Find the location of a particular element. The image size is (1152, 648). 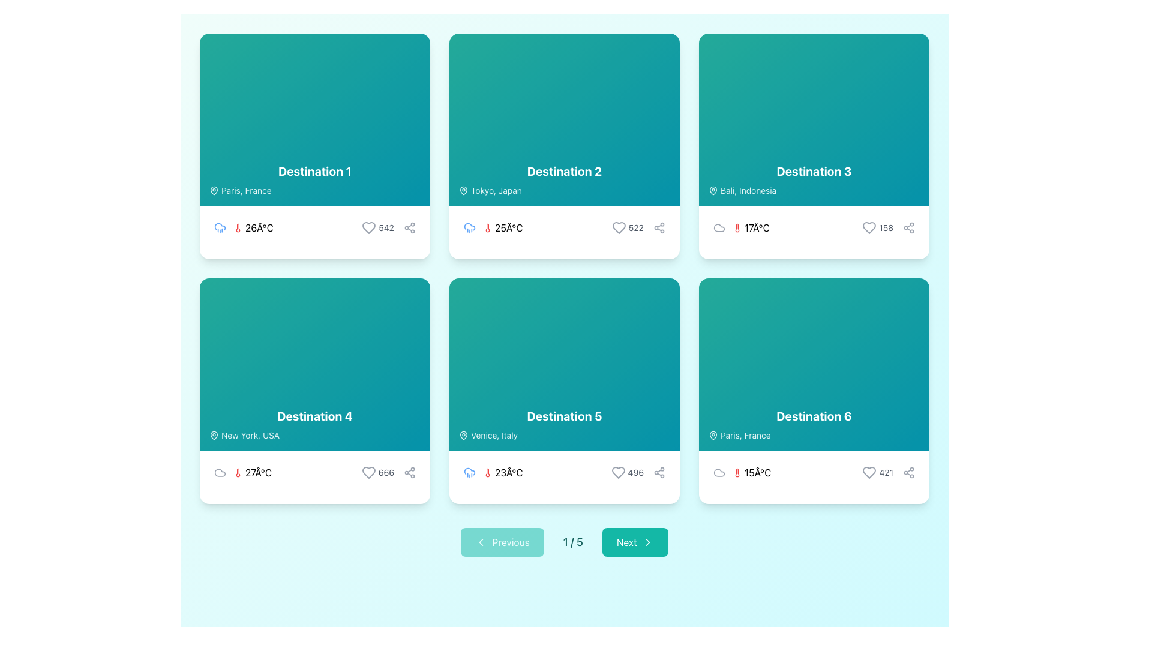

the map pin icon located within the 'Paris, France' text section of the 'Destination 6' card in the bottom-right of a 2-row, 3-column grid of destination cards is located at coordinates (713, 435).